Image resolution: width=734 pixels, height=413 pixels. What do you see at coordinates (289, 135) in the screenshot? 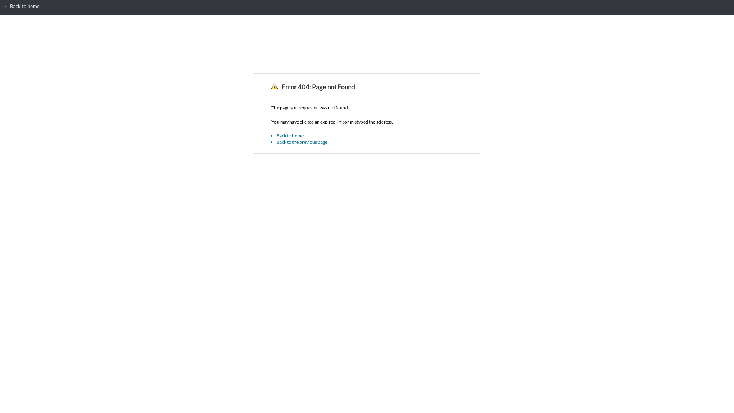
I see `'Back to home'` at bounding box center [289, 135].